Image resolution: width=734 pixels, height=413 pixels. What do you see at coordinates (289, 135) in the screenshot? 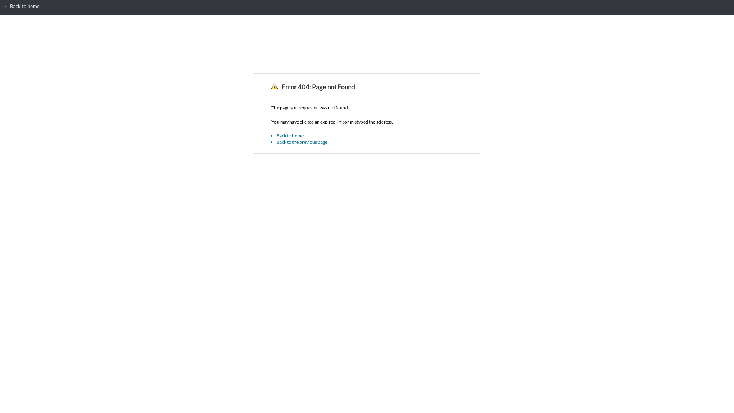
I see `'Back to home'` at bounding box center [289, 135].